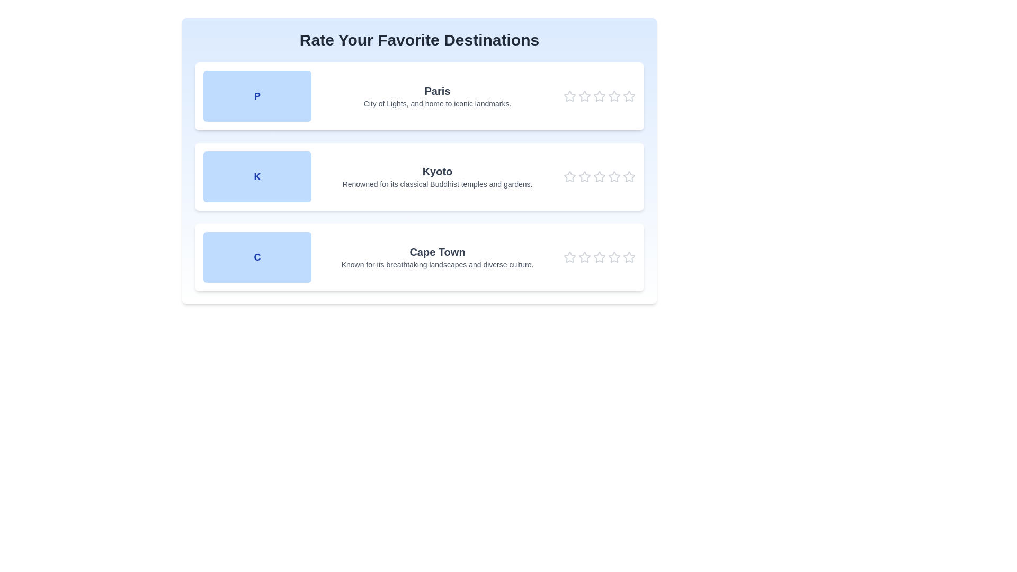 The height and width of the screenshot is (572, 1017). What do you see at coordinates (257, 96) in the screenshot?
I see `the rectangular block with a pale blue background and rounded corners that contains the letter 'P' in bold dark blue, located in the left section of the first row within a card layout related to 'Paris'` at bounding box center [257, 96].